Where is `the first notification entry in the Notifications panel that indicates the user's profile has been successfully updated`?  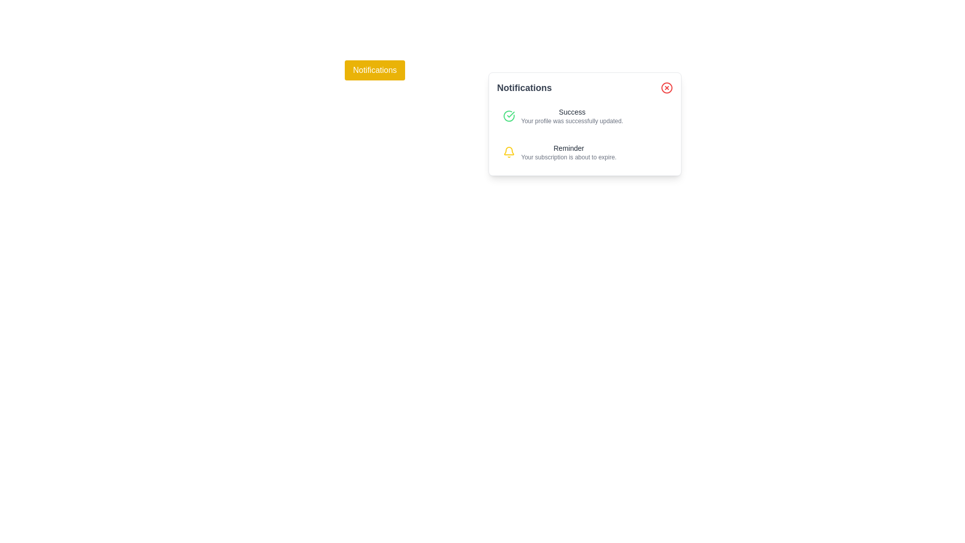
the first notification entry in the Notifications panel that indicates the user's profile has been successfully updated is located at coordinates (585, 116).